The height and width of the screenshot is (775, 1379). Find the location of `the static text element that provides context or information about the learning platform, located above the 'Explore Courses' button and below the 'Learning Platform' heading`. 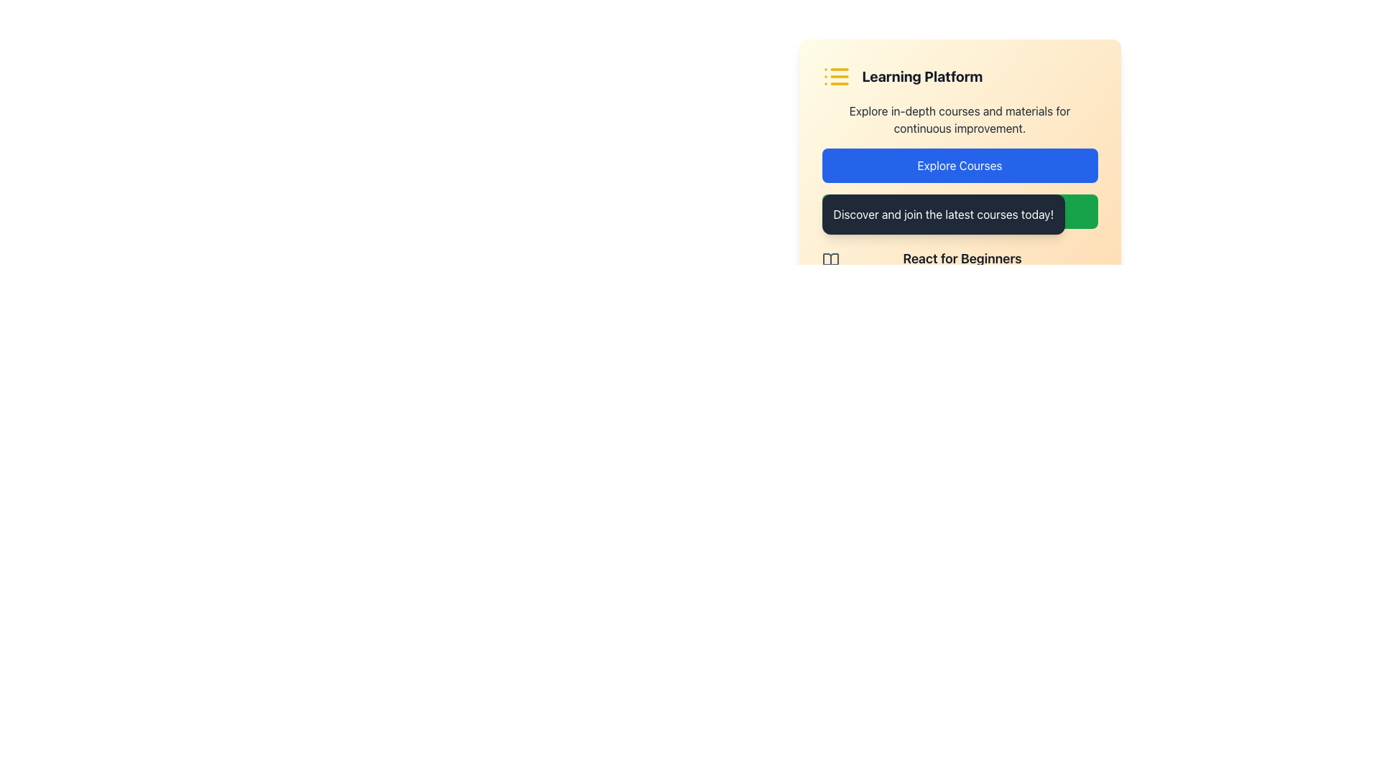

the static text element that provides context or information about the learning platform, located above the 'Explore Courses' button and below the 'Learning Platform' heading is located at coordinates (960, 118).